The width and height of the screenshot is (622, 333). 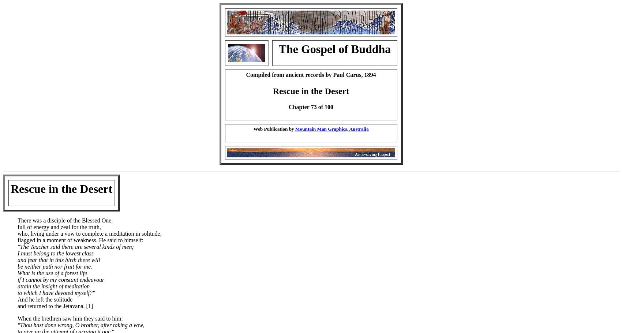 I want to click on 'to which  I  have devoted  myself?"', so click(x=56, y=292).